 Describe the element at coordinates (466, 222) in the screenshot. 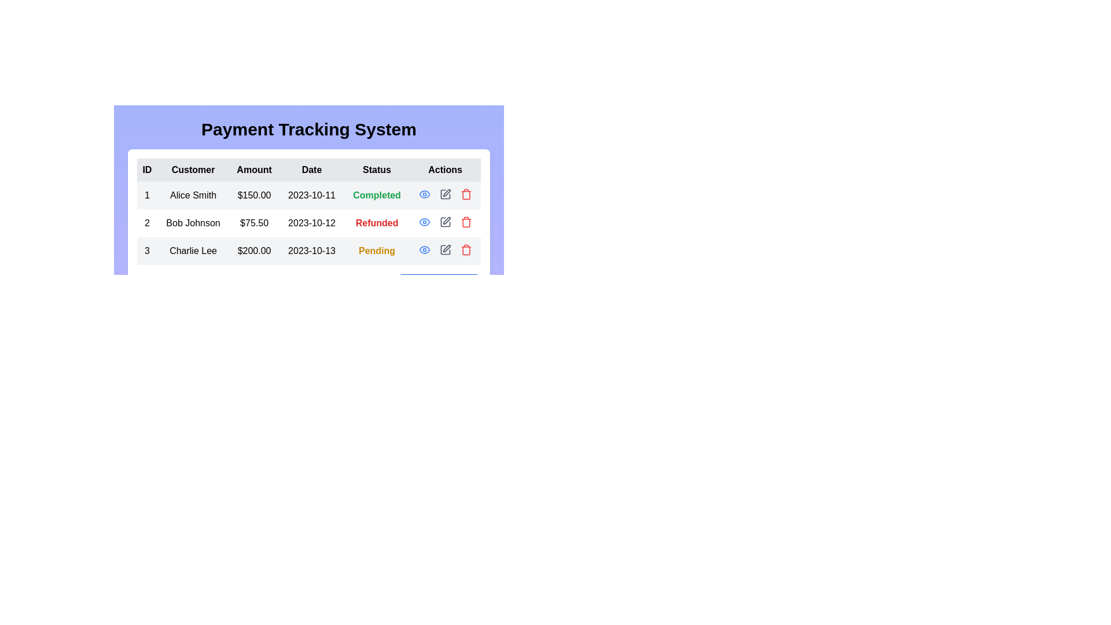

I see `the red trash bin button in the Actions column of the table for Bob Johnson` at that location.